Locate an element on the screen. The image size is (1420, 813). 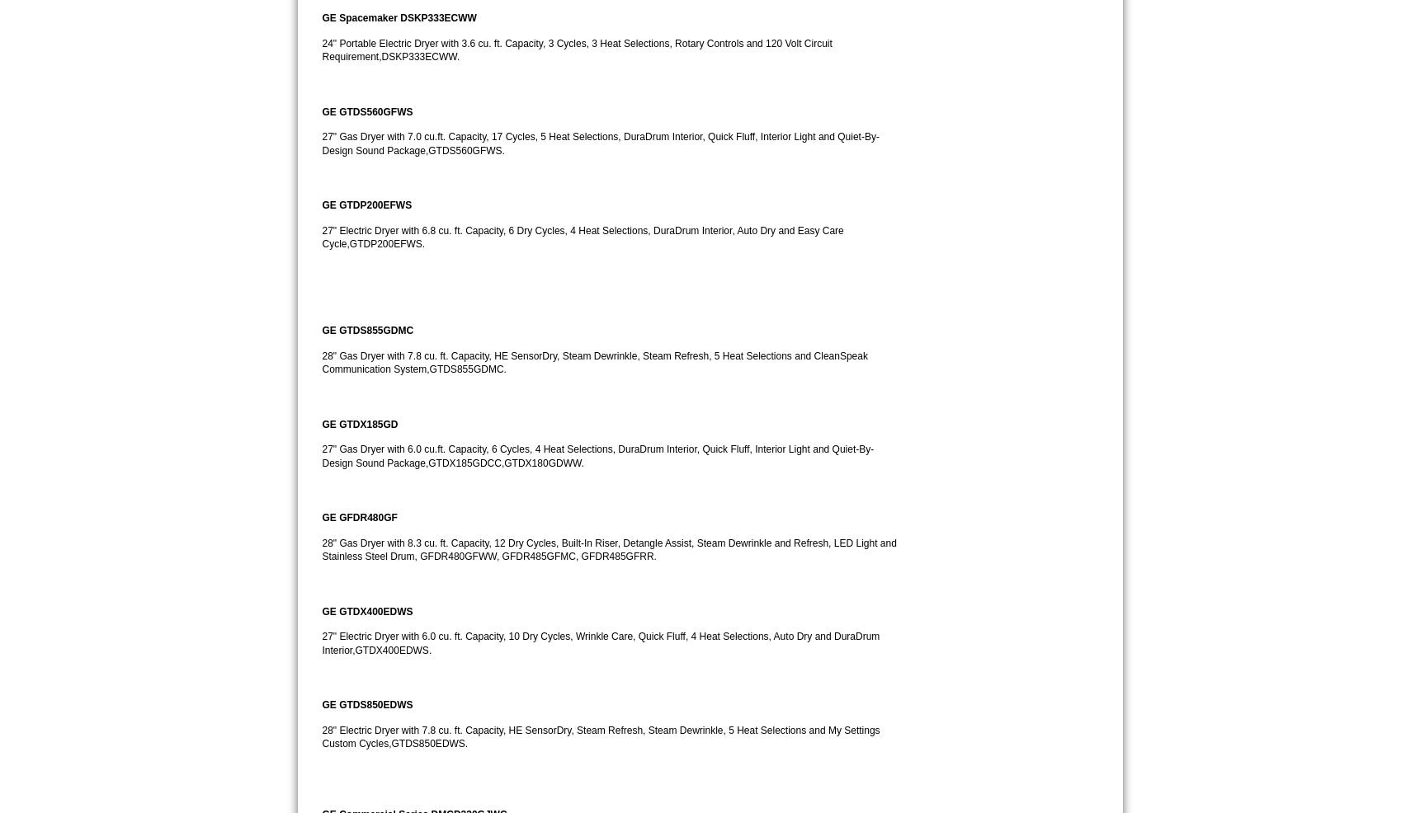
'GE GTDS850EDWS' is located at coordinates (366, 703).